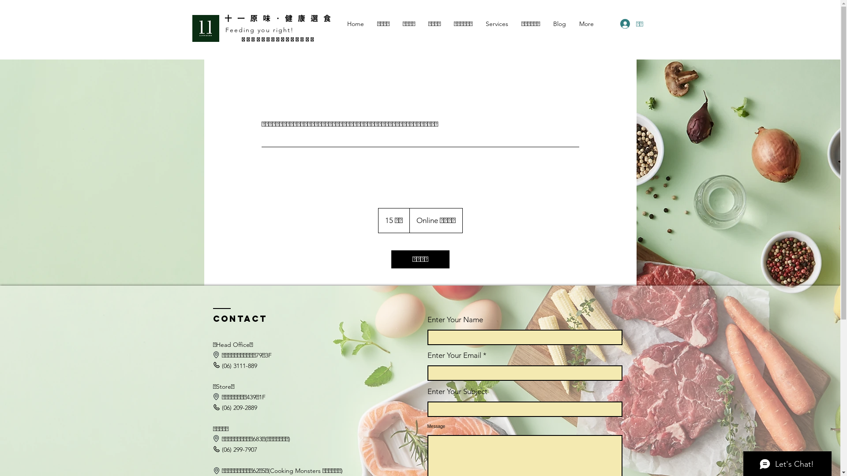  What do you see at coordinates (497, 23) in the screenshot?
I see `'Services'` at bounding box center [497, 23].